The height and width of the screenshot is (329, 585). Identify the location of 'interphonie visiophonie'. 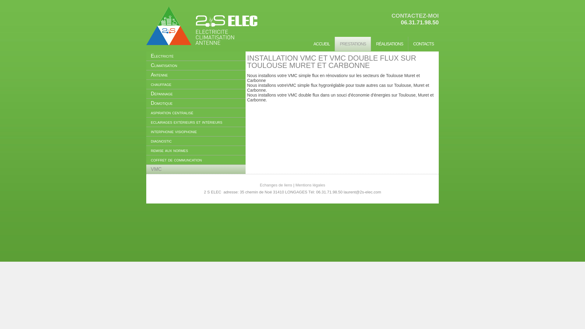
(196, 131).